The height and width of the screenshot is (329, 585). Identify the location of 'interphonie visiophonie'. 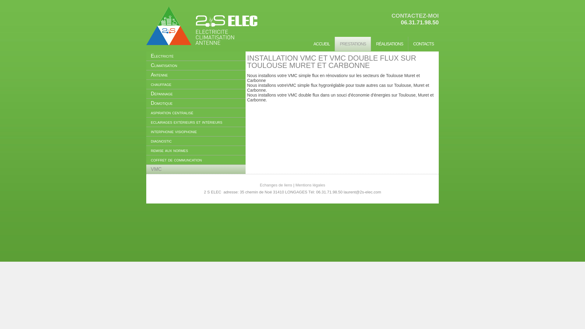
(196, 131).